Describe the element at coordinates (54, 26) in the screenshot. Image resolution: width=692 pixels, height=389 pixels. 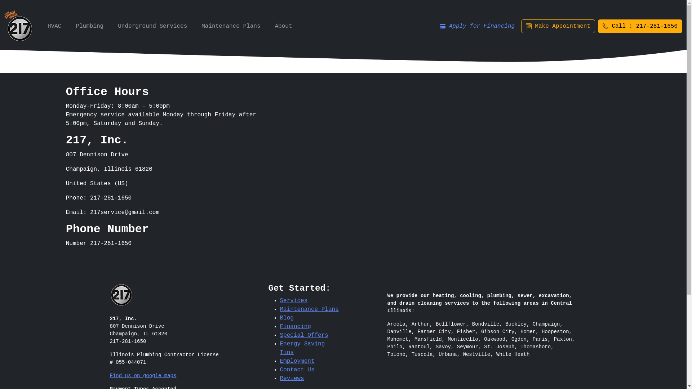
I see `'HVAC'` at that location.